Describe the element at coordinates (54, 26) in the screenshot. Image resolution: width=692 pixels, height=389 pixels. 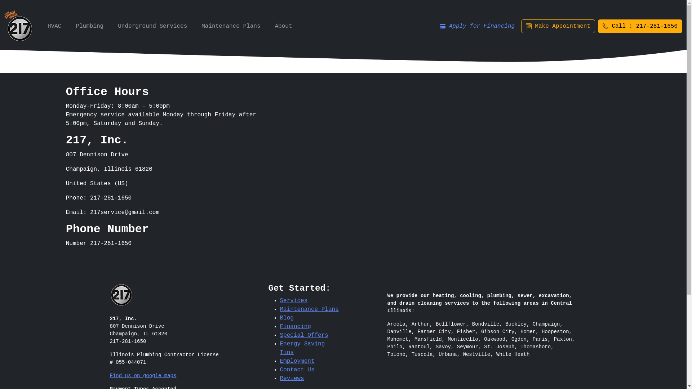
I see `'HVAC'` at that location.